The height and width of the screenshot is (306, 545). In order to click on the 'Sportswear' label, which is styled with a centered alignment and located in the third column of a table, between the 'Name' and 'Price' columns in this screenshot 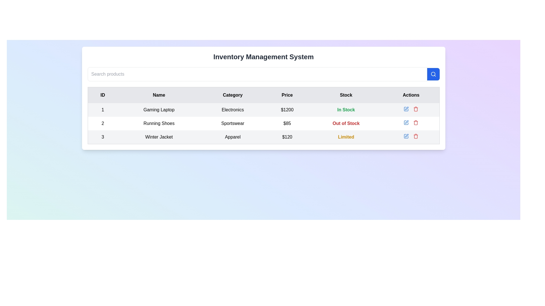, I will do `click(233, 123)`.